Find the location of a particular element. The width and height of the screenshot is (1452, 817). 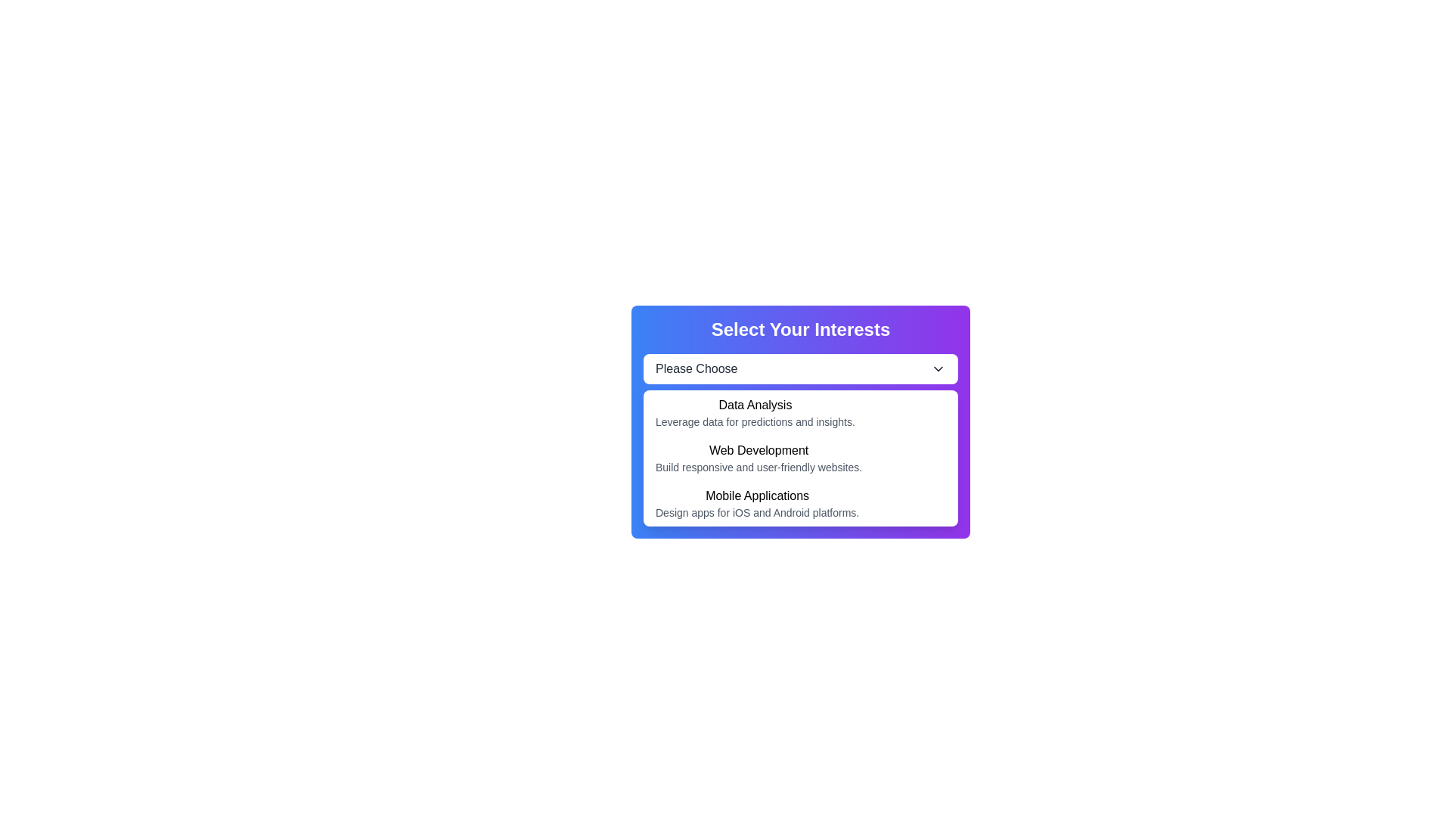

the text label titled 'Data Analysis' located within the selectable list under 'Select Your Interests.' is located at coordinates (755, 413).